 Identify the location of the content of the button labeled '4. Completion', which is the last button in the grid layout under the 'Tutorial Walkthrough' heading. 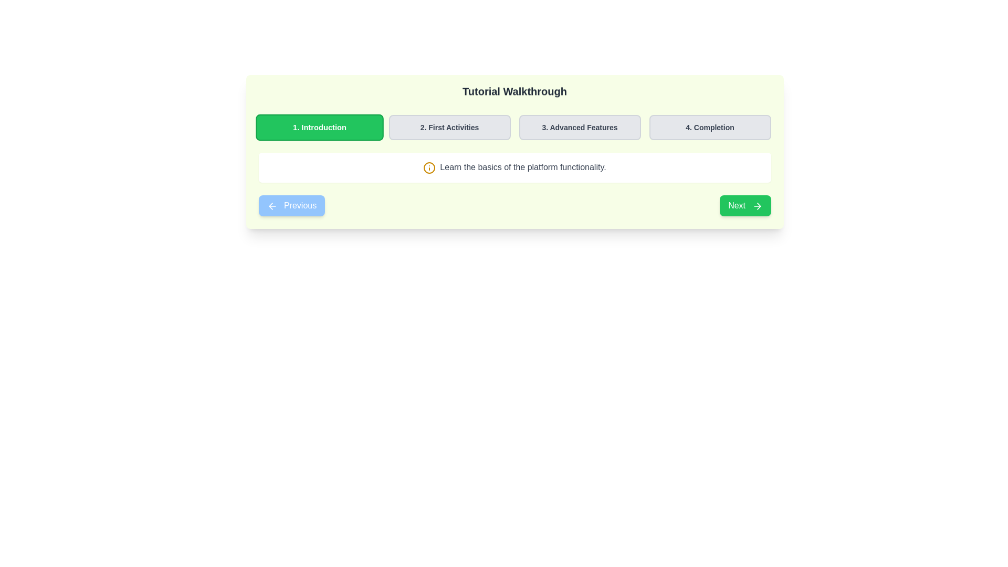
(710, 127).